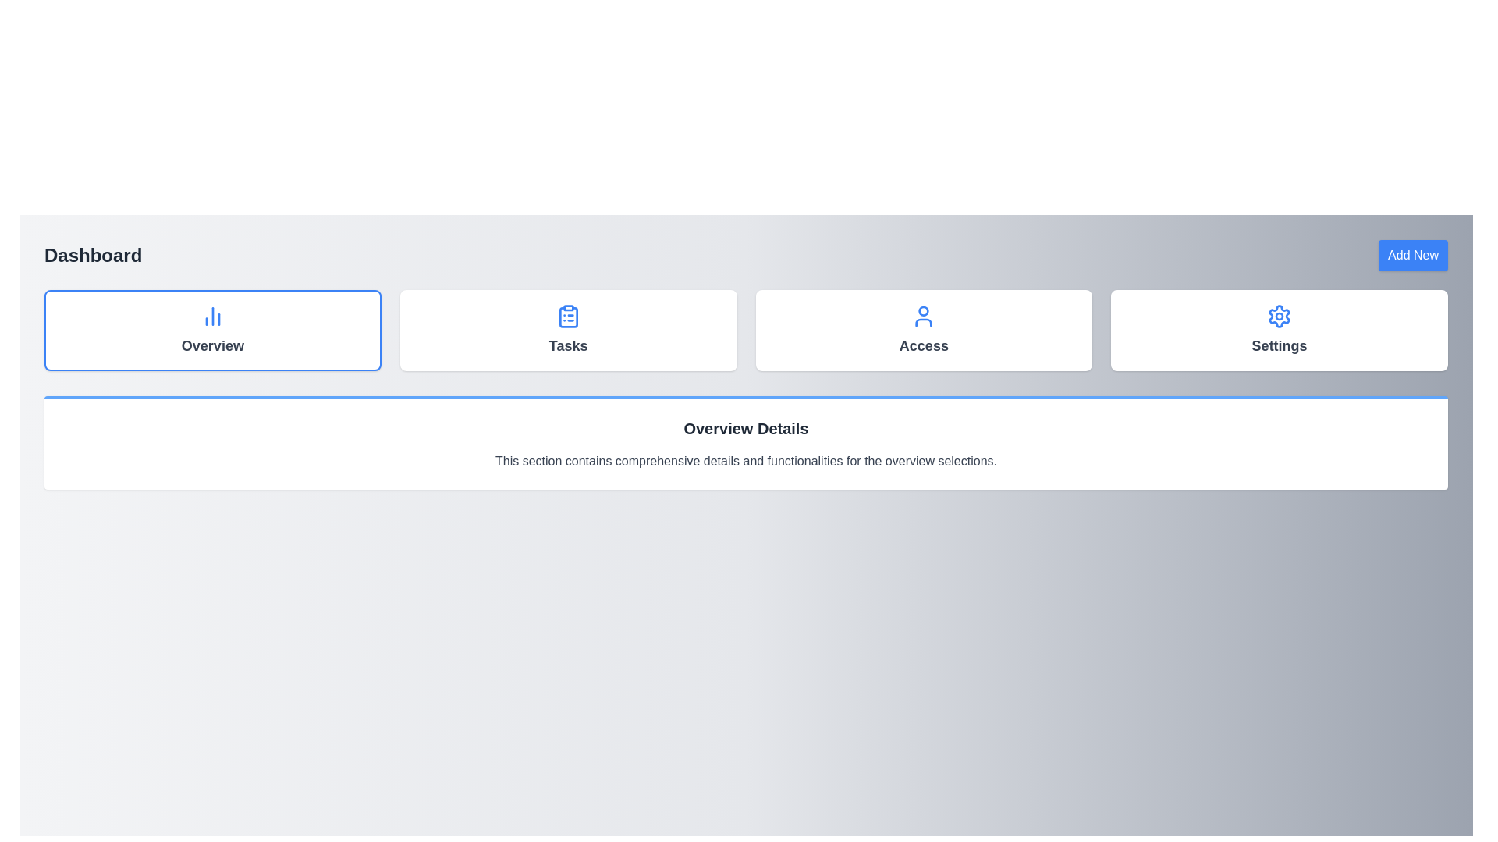 The image size is (1498, 842). I want to click on the user-related features icon located in the 'Access' section of the top menu area, centered above the label 'Access', so click(924, 316).